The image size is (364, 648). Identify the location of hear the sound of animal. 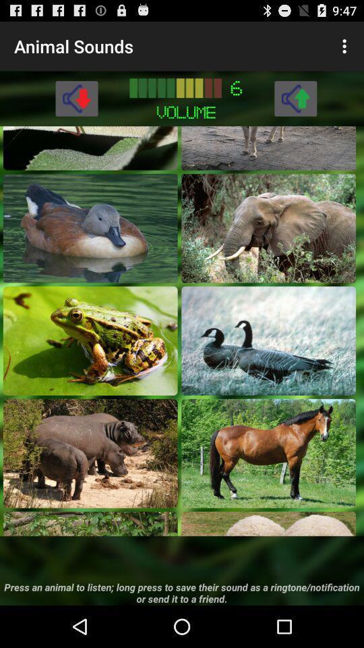
(268, 148).